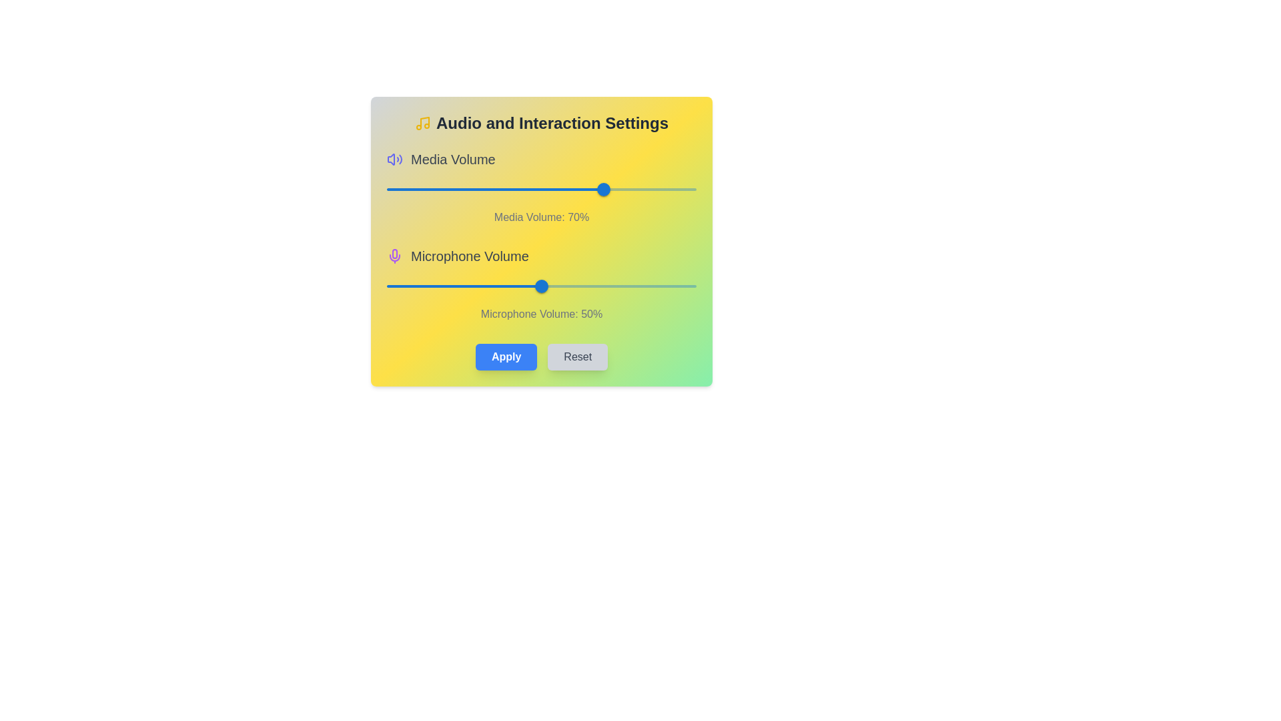 Image resolution: width=1281 pixels, height=721 pixels. Describe the element at coordinates (511, 285) in the screenshot. I see `microphone volume` at that location.